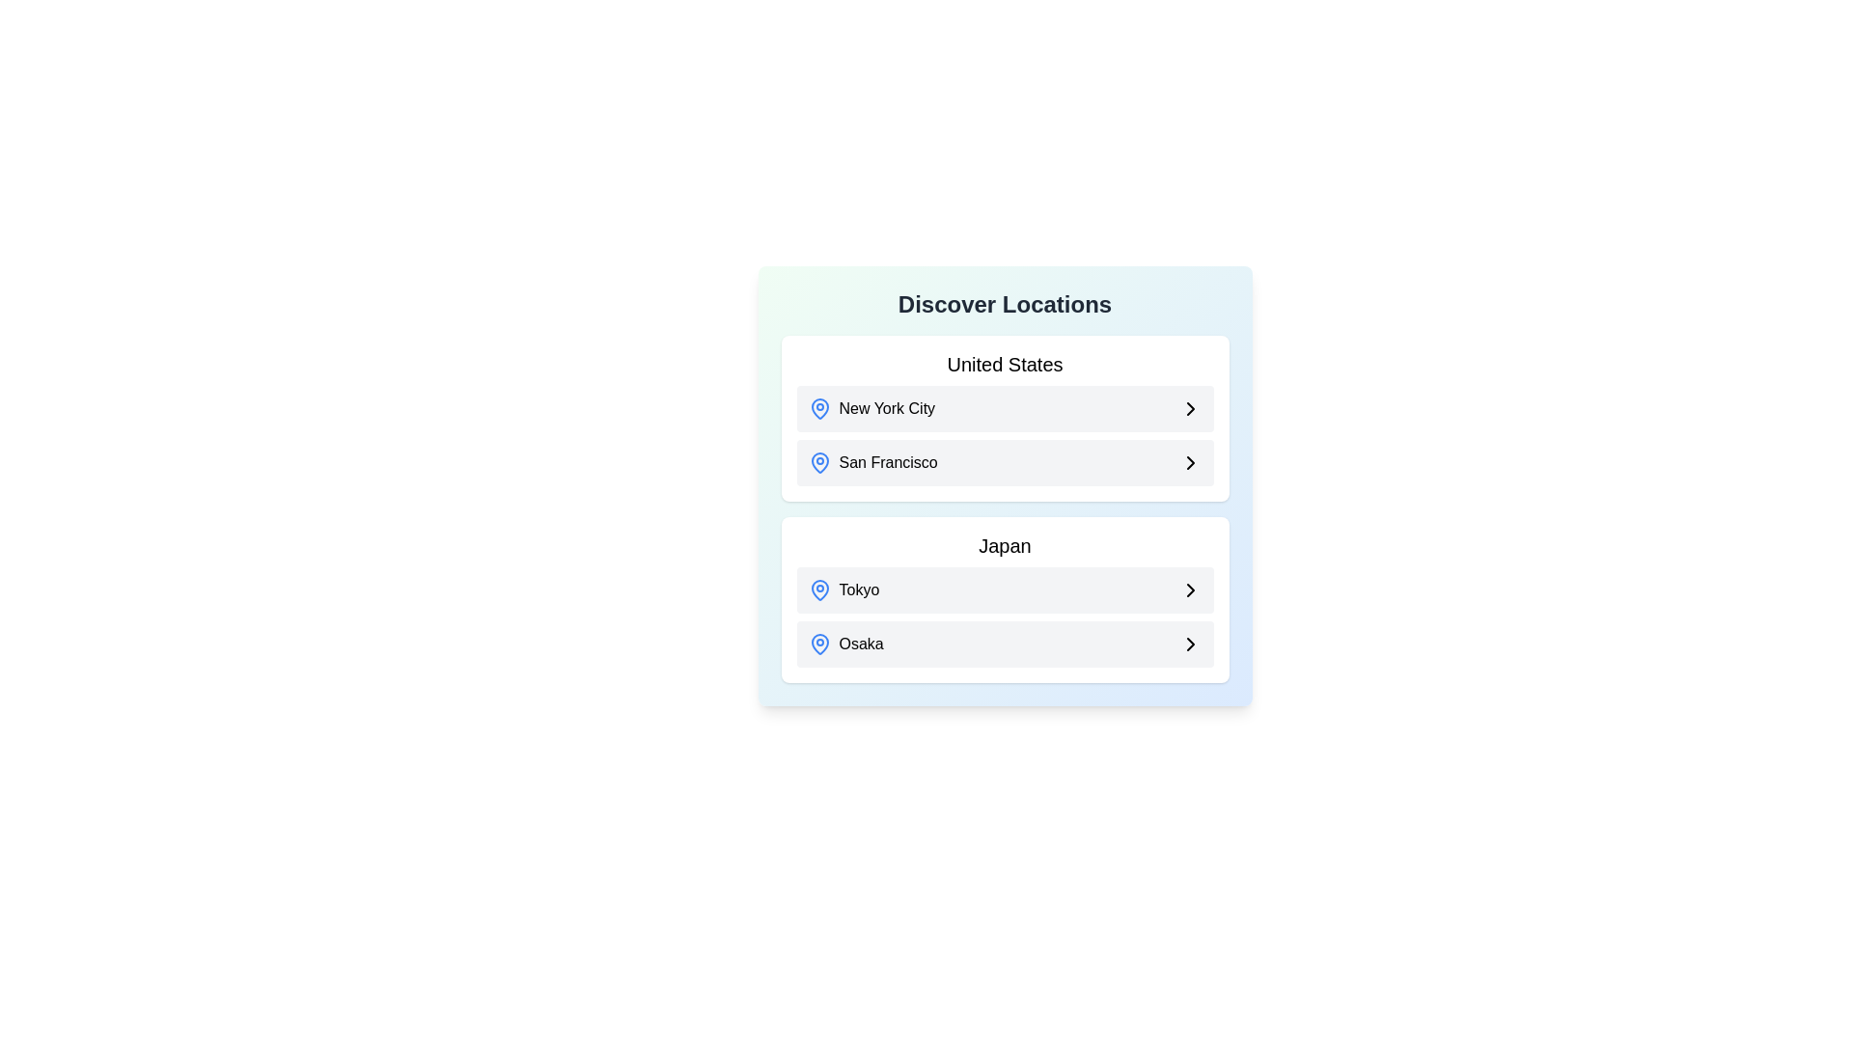  What do you see at coordinates (844, 590) in the screenshot?
I see `the location labeled 'Tokyo', which is a textual label adjacent to a blue map pin icon` at bounding box center [844, 590].